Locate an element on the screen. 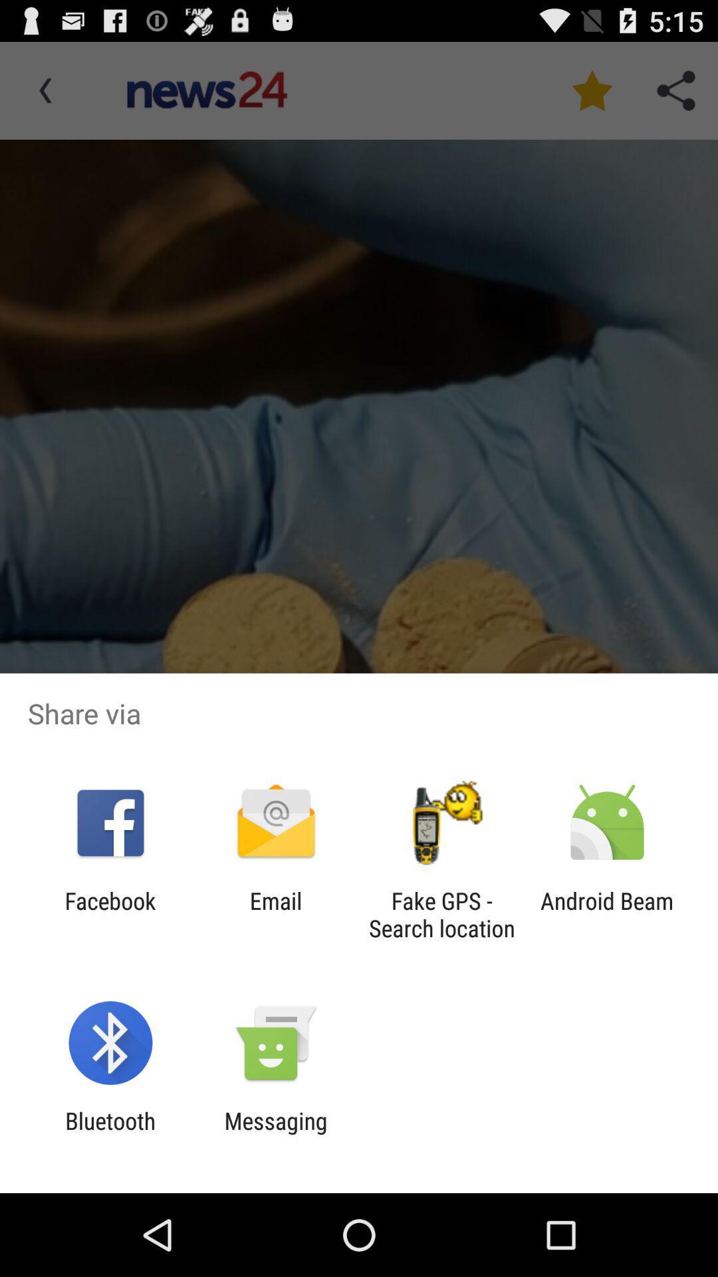 The width and height of the screenshot is (718, 1277). the android beam at the bottom right corner is located at coordinates (607, 914).